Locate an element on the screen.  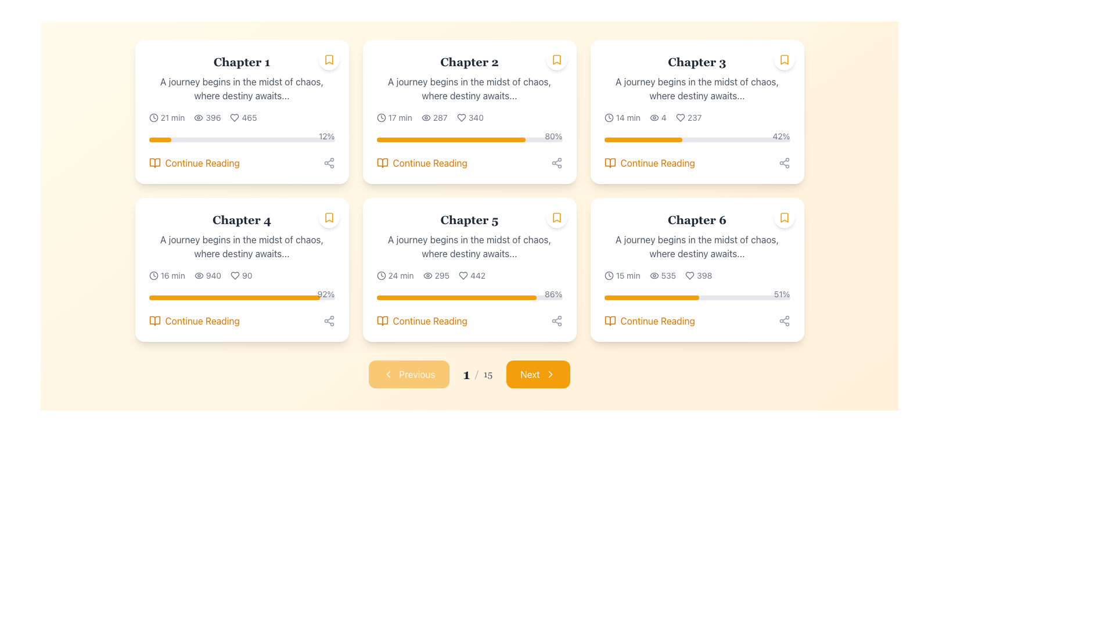
the progress bar located in the third chapter card of the 2x3 grid layout, which is centrally aligned near the bottom of the card, above the 'Continue Reading' button is located at coordinates (697, 139).